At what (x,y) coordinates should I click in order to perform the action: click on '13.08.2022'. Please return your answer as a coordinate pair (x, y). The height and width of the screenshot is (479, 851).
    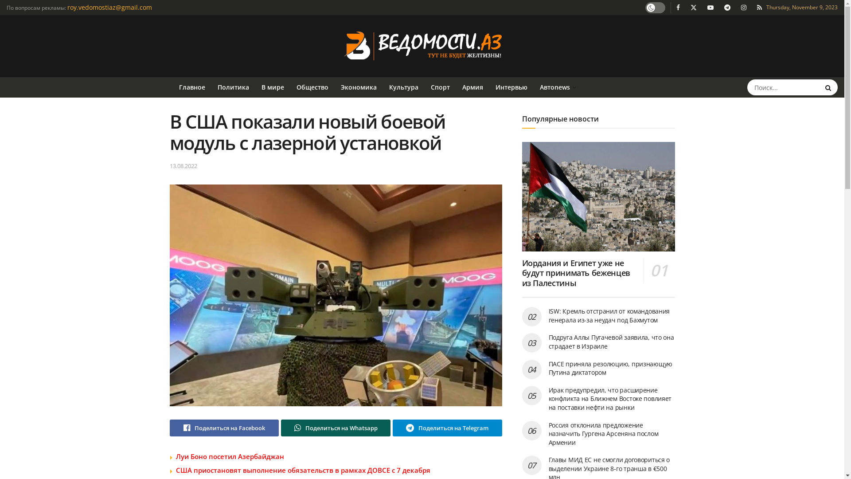
    Looking at the image, I should click on (182, 166).